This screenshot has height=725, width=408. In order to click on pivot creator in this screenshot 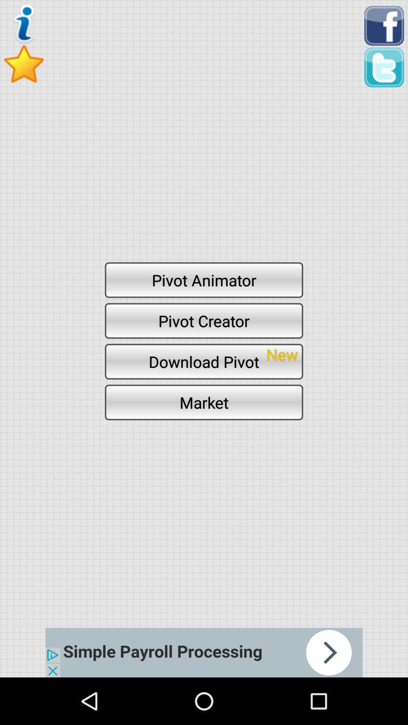, I will do `click(204, 321)`.